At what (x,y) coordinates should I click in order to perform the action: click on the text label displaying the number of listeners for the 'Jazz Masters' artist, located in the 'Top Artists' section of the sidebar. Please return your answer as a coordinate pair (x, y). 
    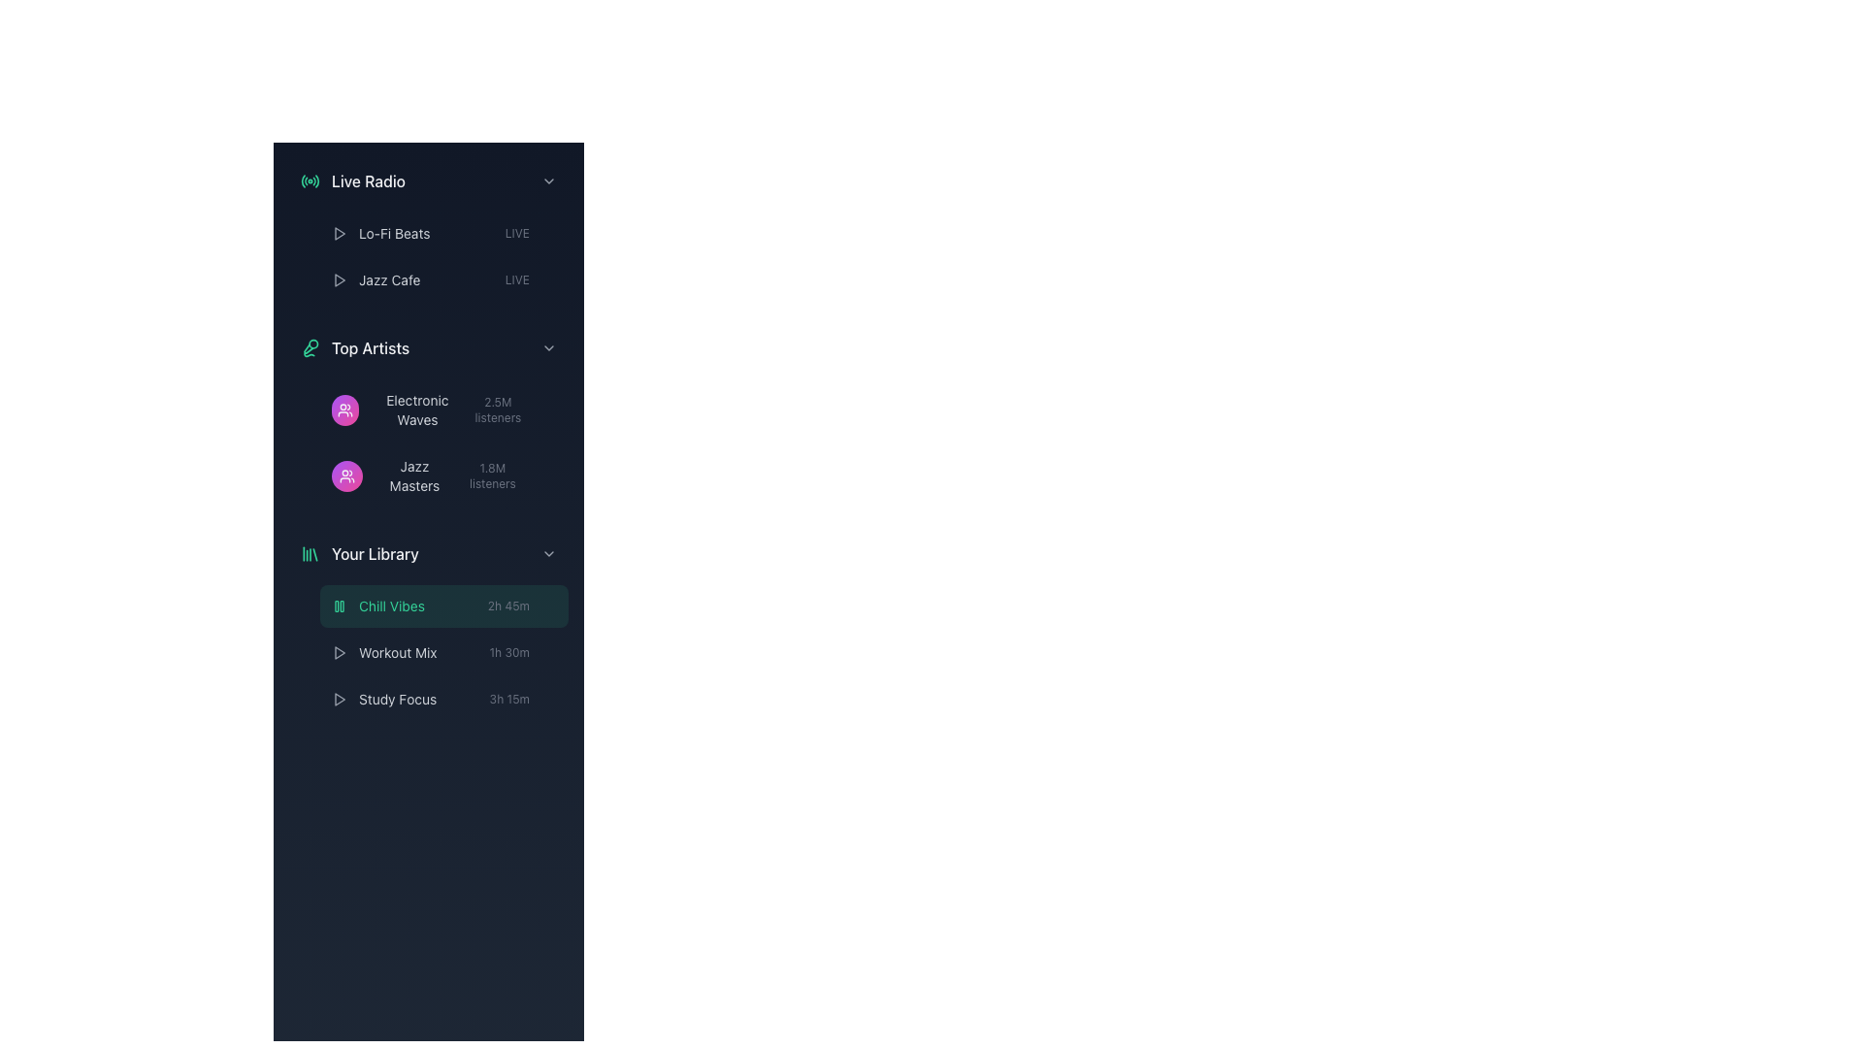
    Looking at the image, I should click on (492, 475).